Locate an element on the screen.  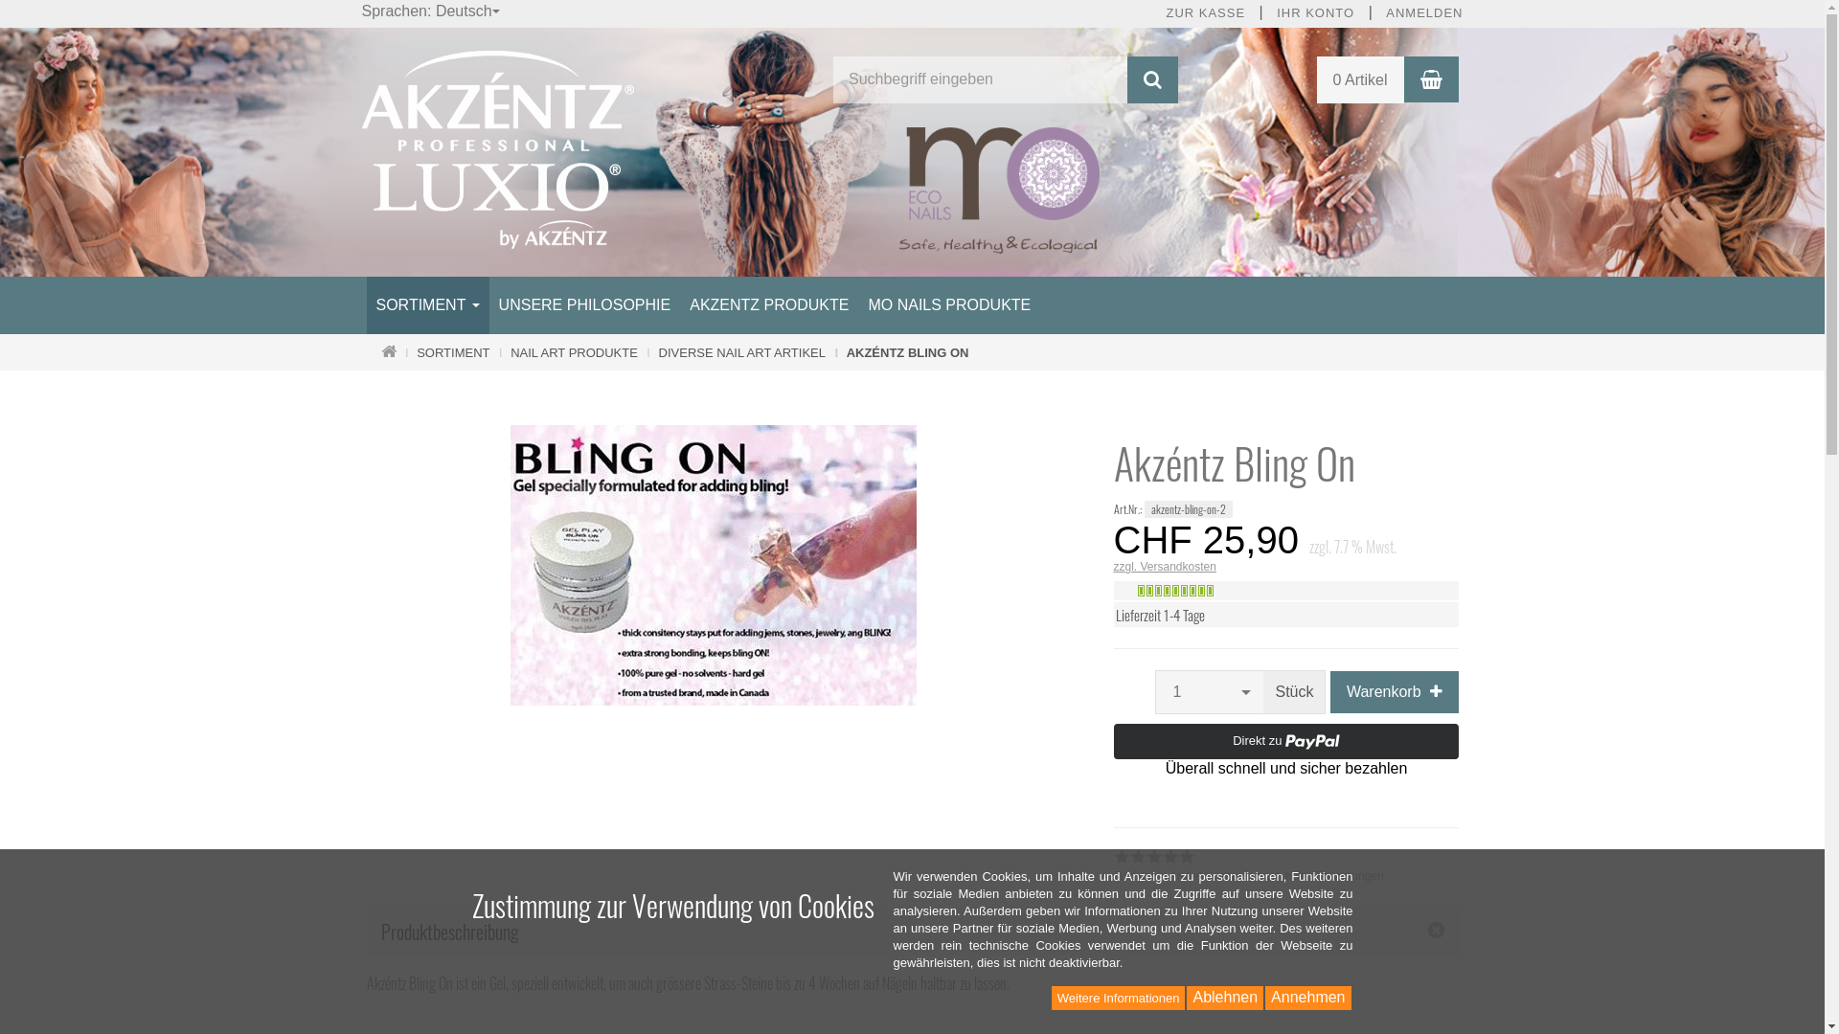
'Suchen' is located at coordinates (1126, 79).